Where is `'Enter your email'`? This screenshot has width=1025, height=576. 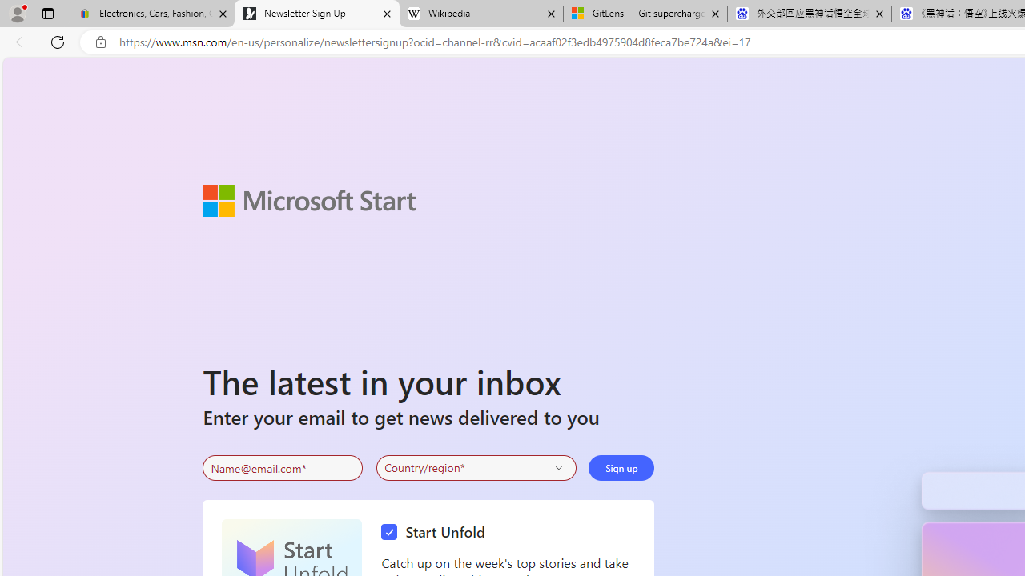 'Enter your email' is located at coordinates (283, 468).